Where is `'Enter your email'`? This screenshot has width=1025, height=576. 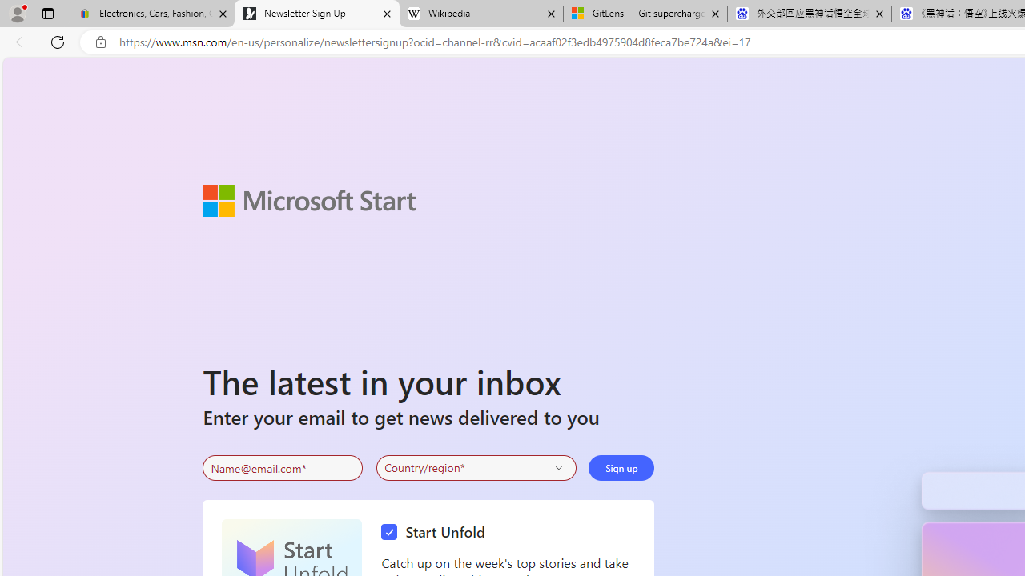 'Enter your email' is located at coordinates (283, 468).